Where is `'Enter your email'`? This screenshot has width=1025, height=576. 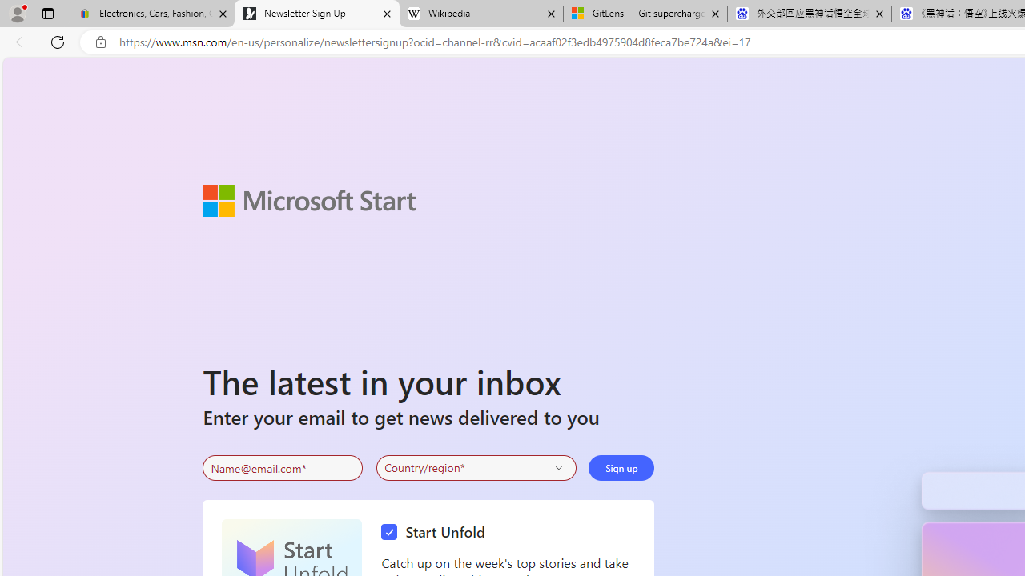 'Enter your email' is located at coordinates (283, 468).